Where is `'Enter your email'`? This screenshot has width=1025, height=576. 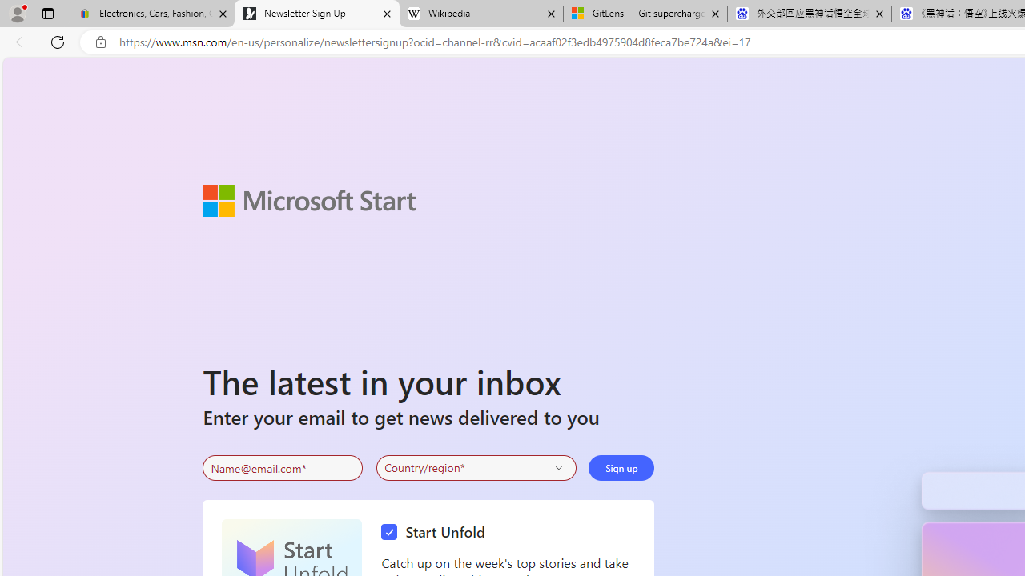 'Enter your email' is located at coordinates (283, 468).